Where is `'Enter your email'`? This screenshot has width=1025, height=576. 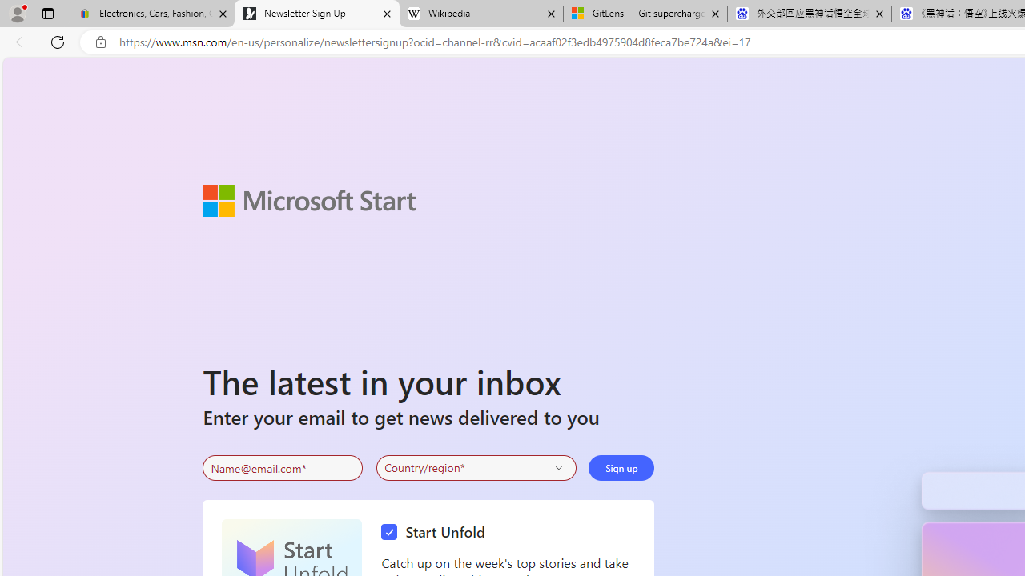 'Enter your email' is located at coordinates (283, 468).